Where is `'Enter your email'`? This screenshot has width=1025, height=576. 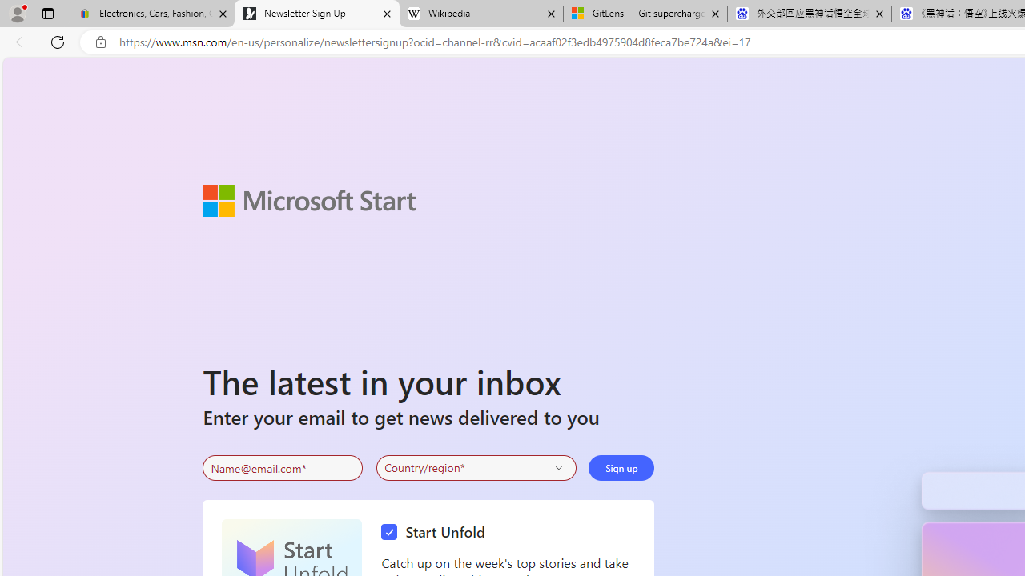 'Enter your email' is located at coordinates (283, 468).